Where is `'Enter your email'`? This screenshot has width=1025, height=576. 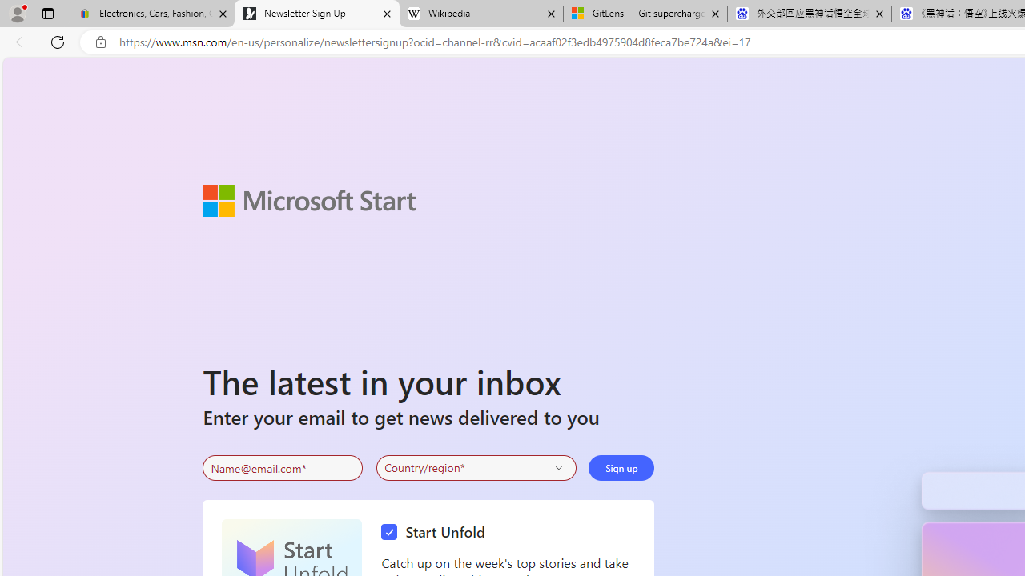 'Enter your email' is located at coordinates (283, 468).